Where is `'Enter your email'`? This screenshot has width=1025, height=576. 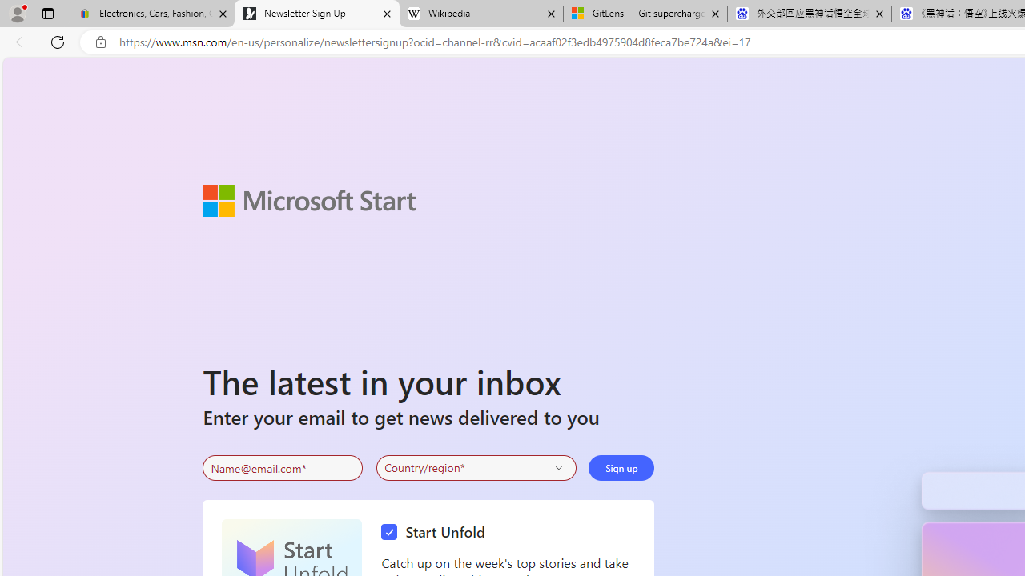 'Enter your email' is located at coordinates (283, 468).